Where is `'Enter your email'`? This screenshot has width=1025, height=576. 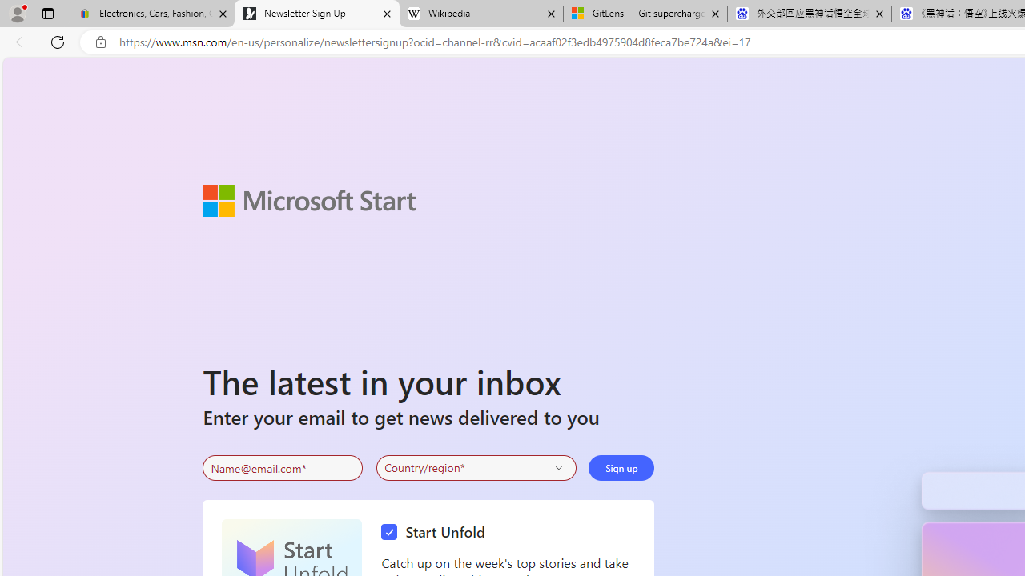 'Enter your email' is located at coordinates (283, 468).